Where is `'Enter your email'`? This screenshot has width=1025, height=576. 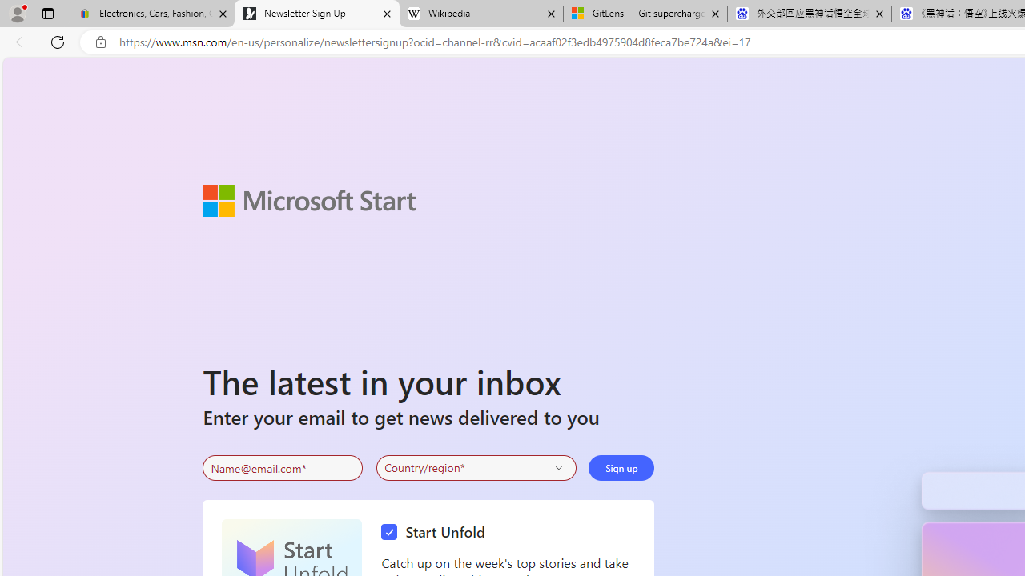 'Enter your email' is located at coordinates (283, 468).